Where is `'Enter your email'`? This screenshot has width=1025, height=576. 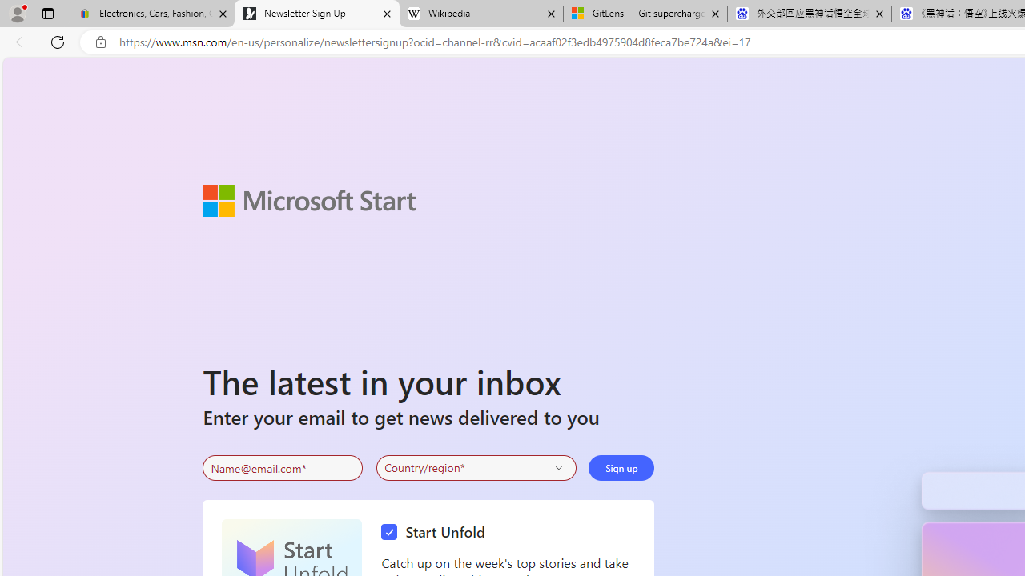 'Enter your email' is located at coordinates (283, 468).